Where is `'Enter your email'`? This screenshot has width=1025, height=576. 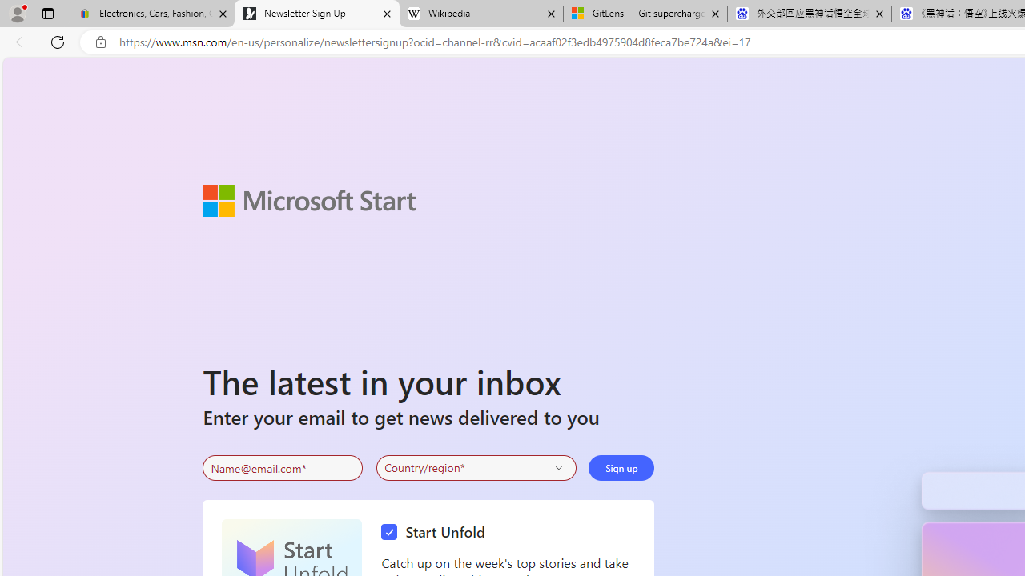 'Enter your email' is located at coordinates (283, 468).